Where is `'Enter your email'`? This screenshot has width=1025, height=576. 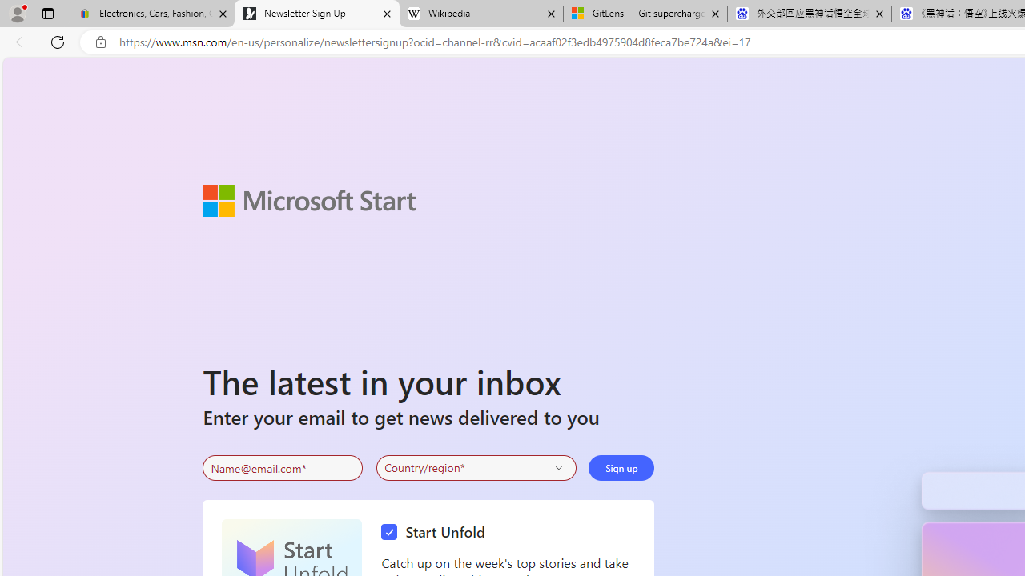 'Enter your email' is located at coordinates (283, 468).